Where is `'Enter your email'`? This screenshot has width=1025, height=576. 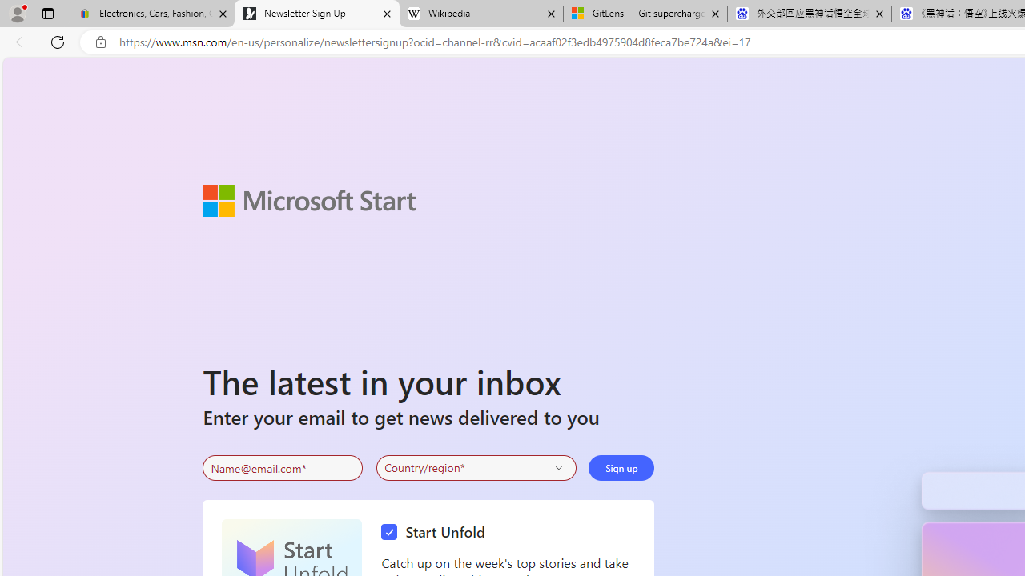 'Enter your email' is located at coordinates (283, 468).